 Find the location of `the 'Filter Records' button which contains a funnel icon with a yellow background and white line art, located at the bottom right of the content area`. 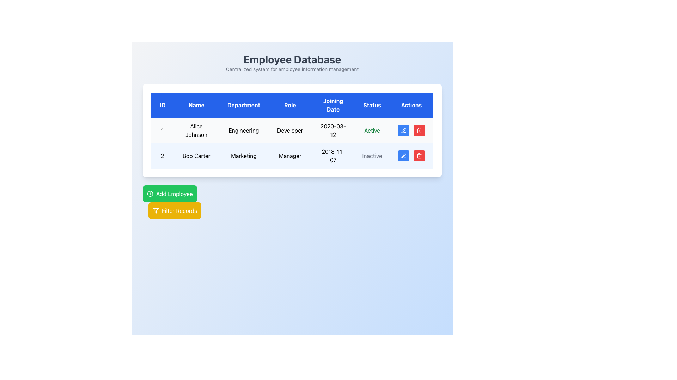

the 'Filter Records' button which contains a funnel icon with a yellow background and white line art, located at the bottom right of the content area is located at coordinates (155, 210).